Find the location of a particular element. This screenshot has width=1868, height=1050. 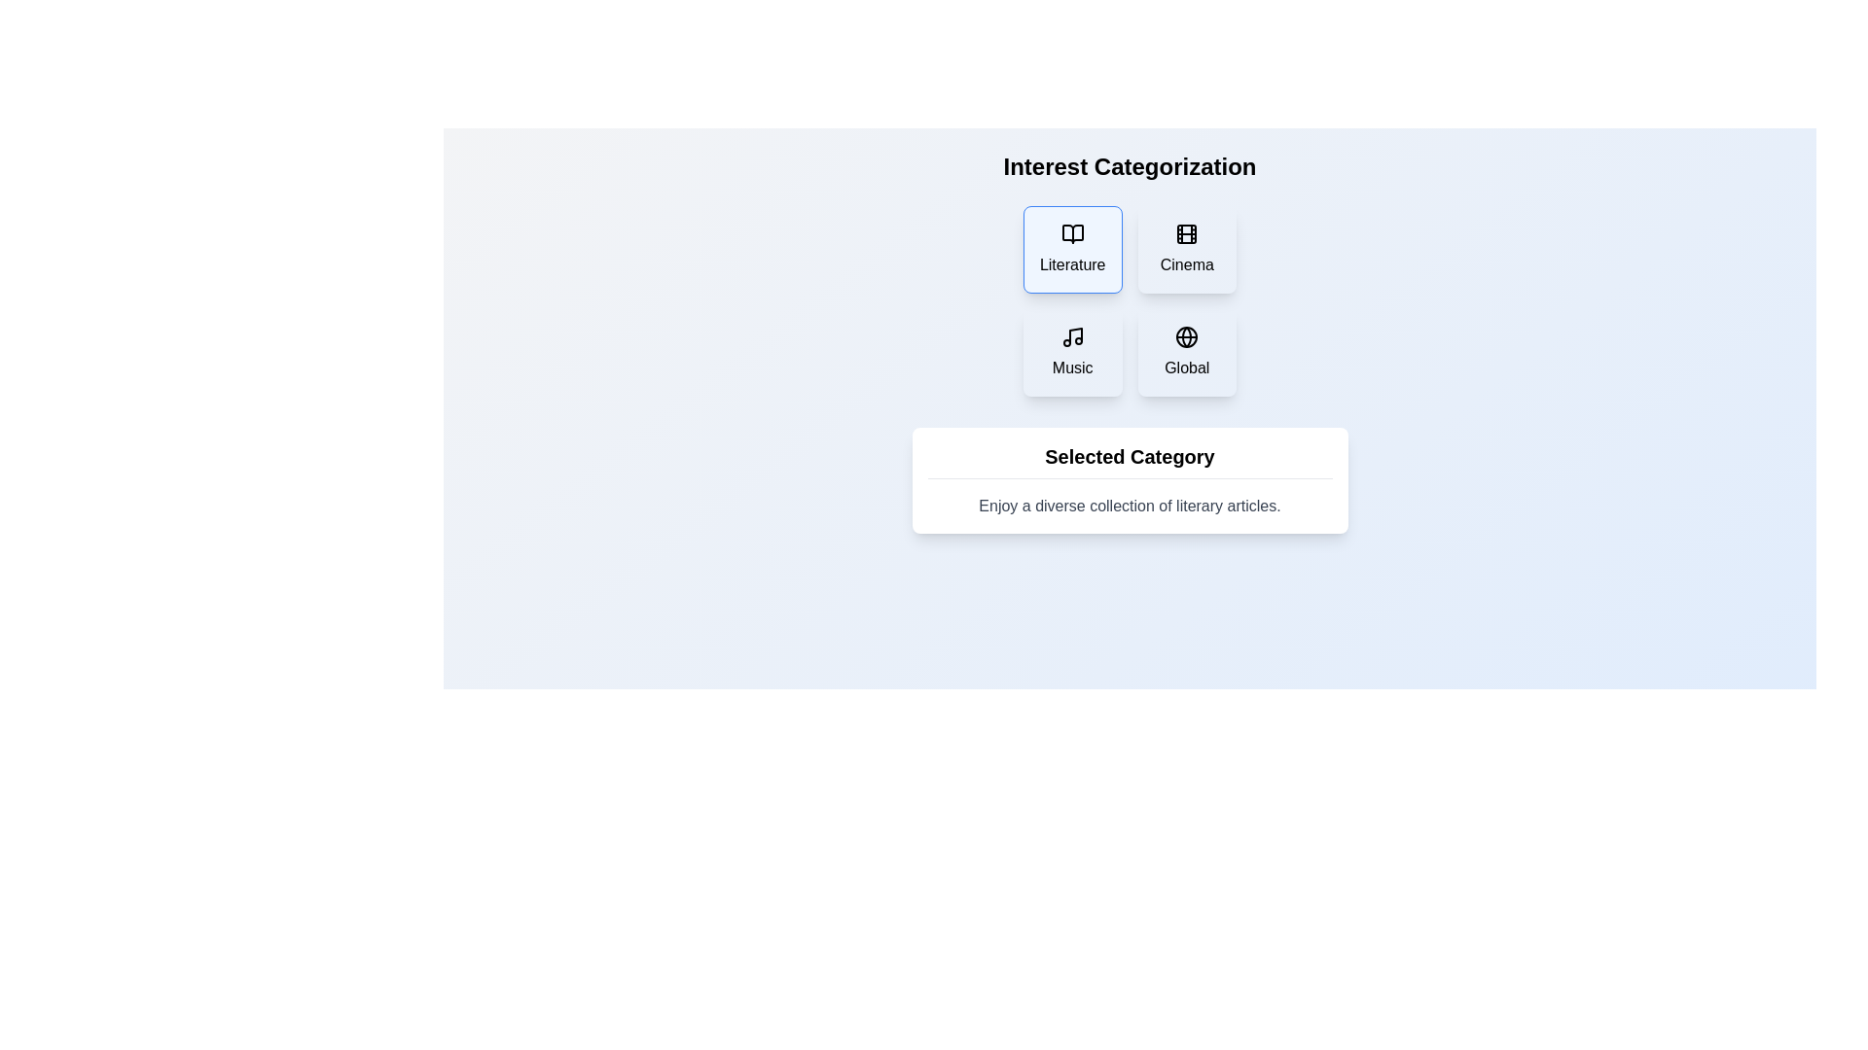

the open book icon, which is black and set against a light blue background, located above the 'Literature' text label in the top-left button of a grid layout is located at coordinates (1071, 232).